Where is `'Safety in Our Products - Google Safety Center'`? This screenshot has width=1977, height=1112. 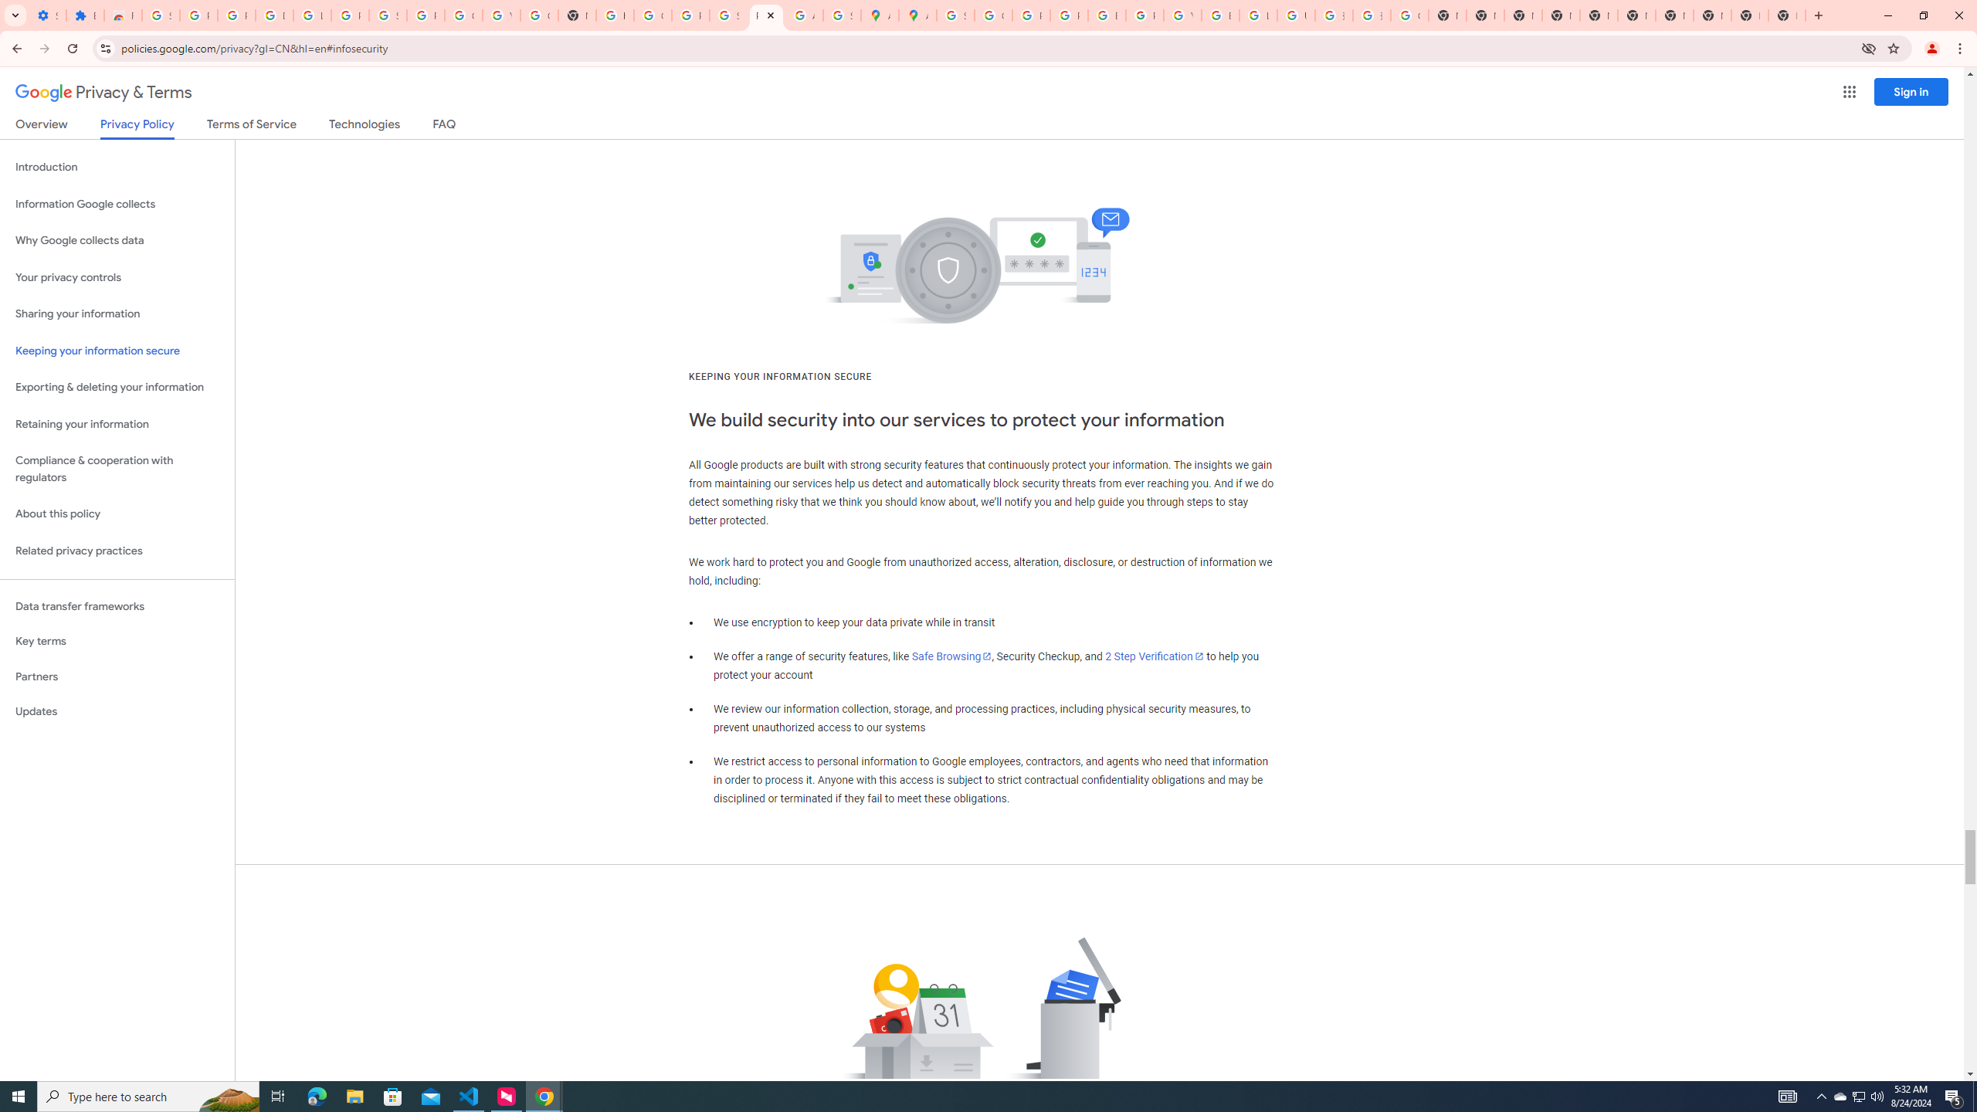
'Safety in Our Products - Google Safety Center' is located at coordinates (841, 15).